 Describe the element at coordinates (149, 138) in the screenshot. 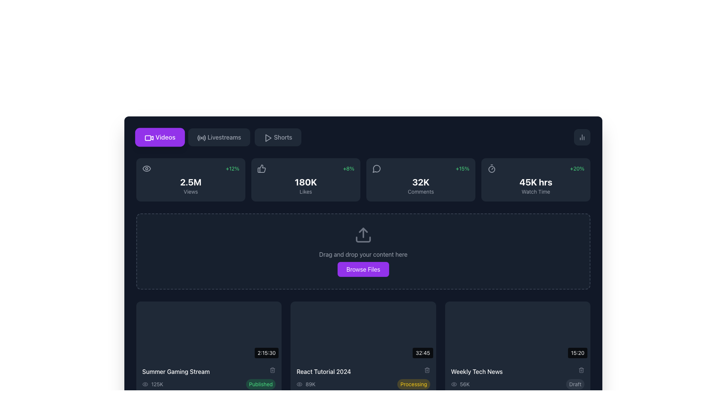

I see `the video camera icon located within the purple 'Videos' button in the horizontal navigation menu at the top of the page` at that location.